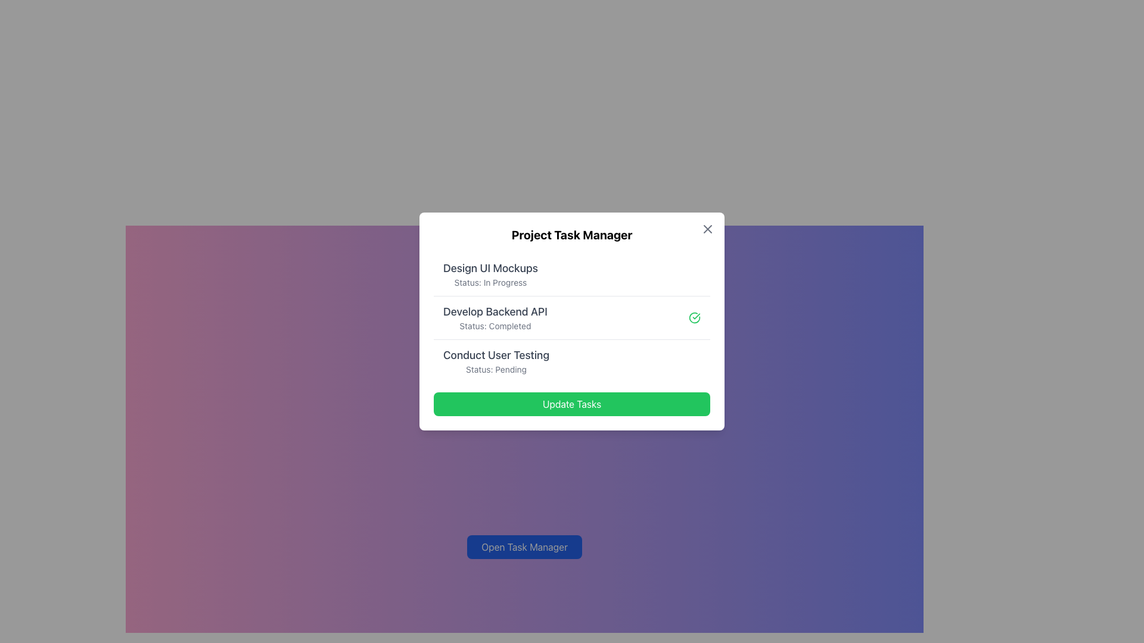 Image resolution: width=1144 pixels, height=643 pixels. I want to click on text displayed in the second task title of the 'Project Task Manager' modal, which is positioned below 'Design UI Mockups' and above 'Conduct User Testing', so click(495, 311).